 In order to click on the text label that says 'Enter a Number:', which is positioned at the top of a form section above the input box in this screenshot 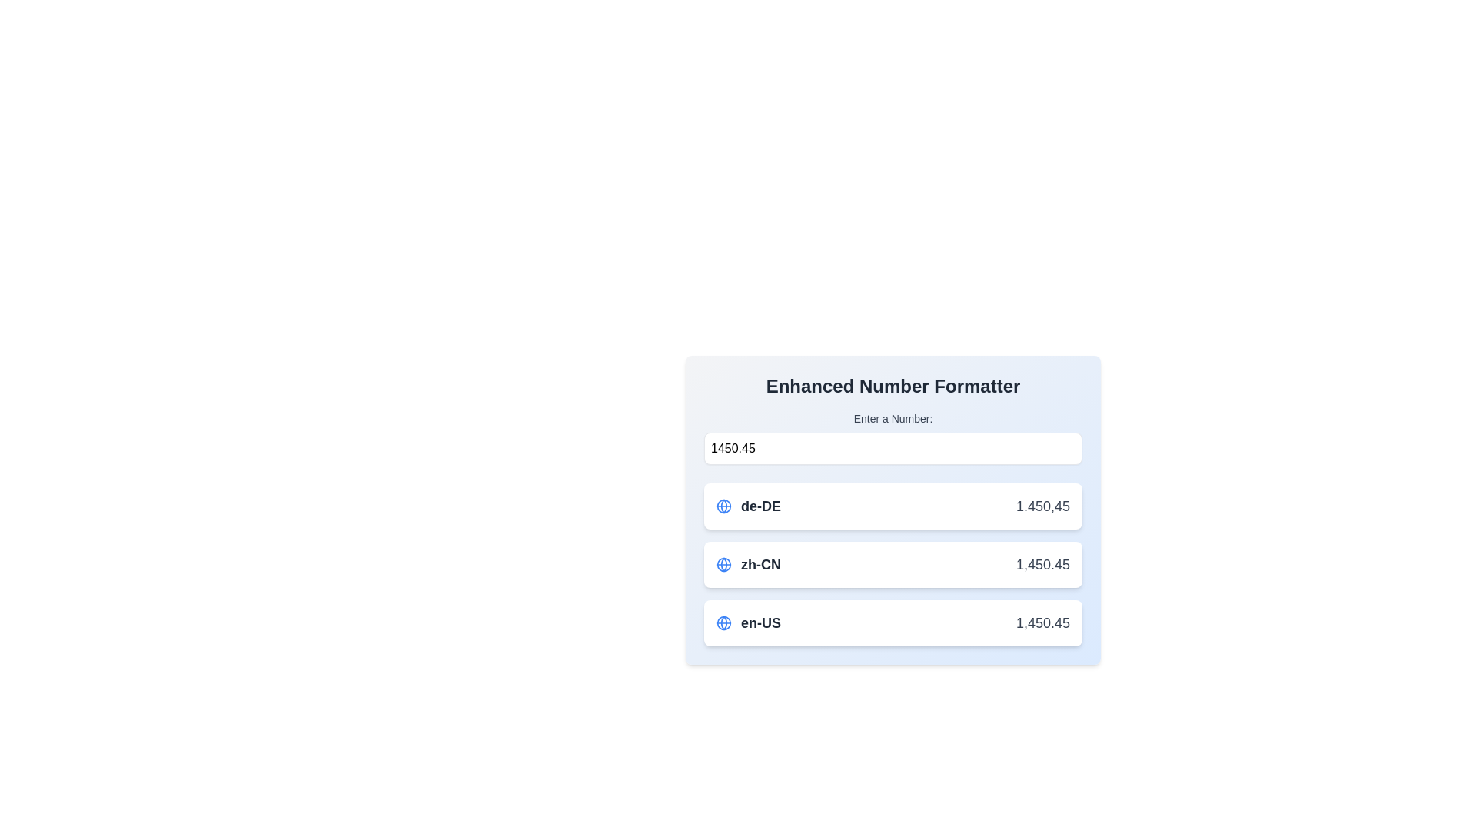, I will do `click(893, 418)`.